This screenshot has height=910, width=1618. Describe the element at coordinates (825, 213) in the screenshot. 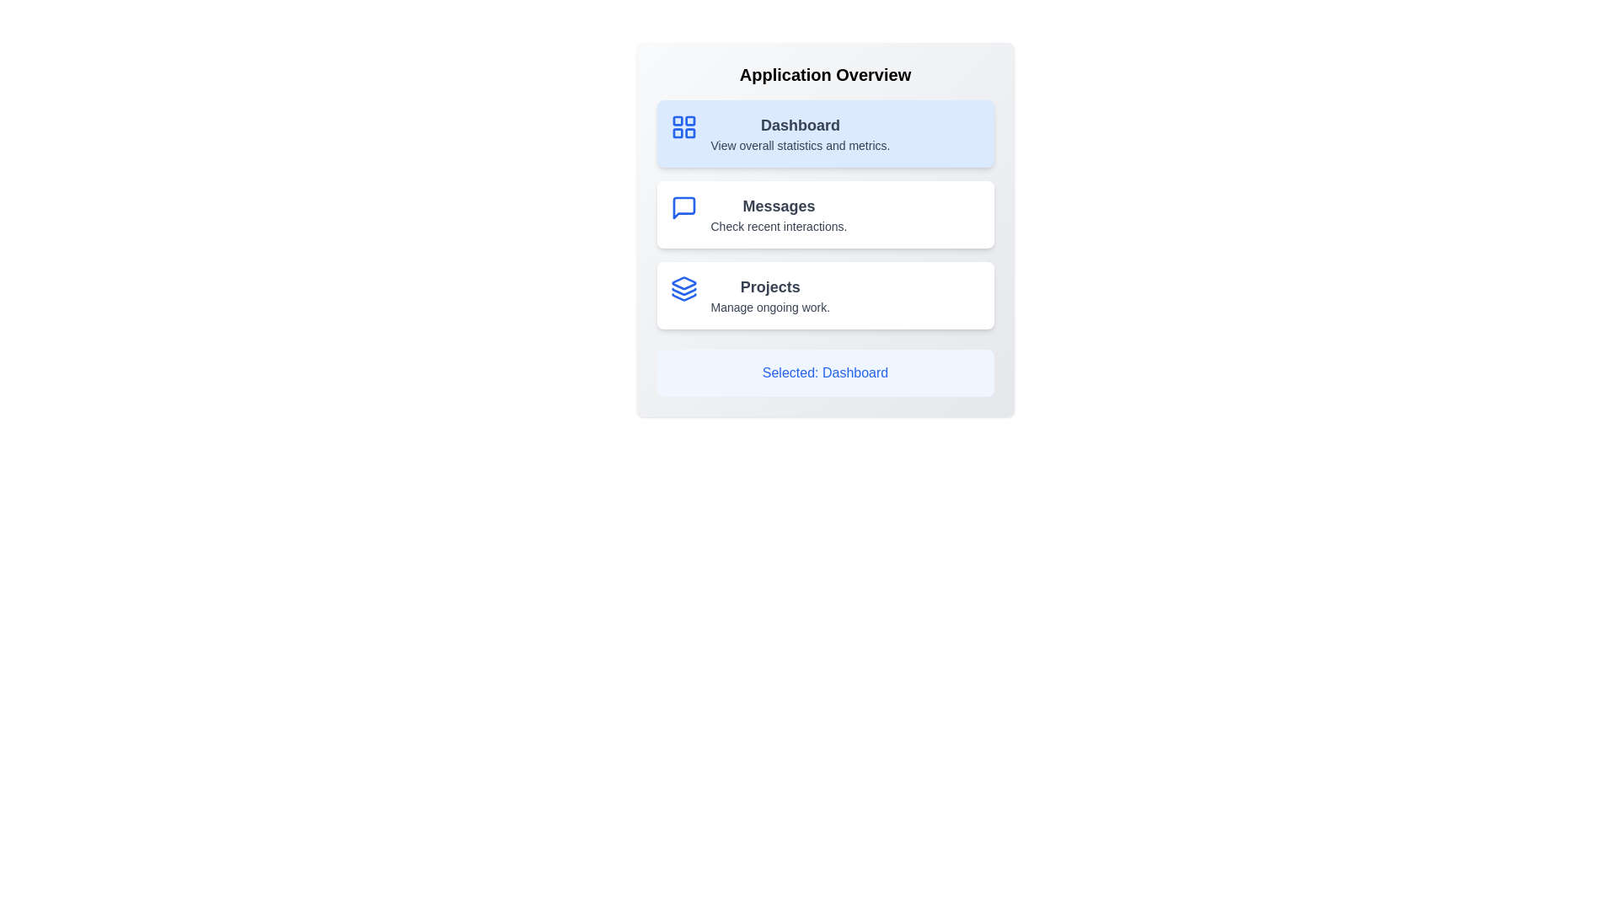

I see `the option Messages from the list` at that location.